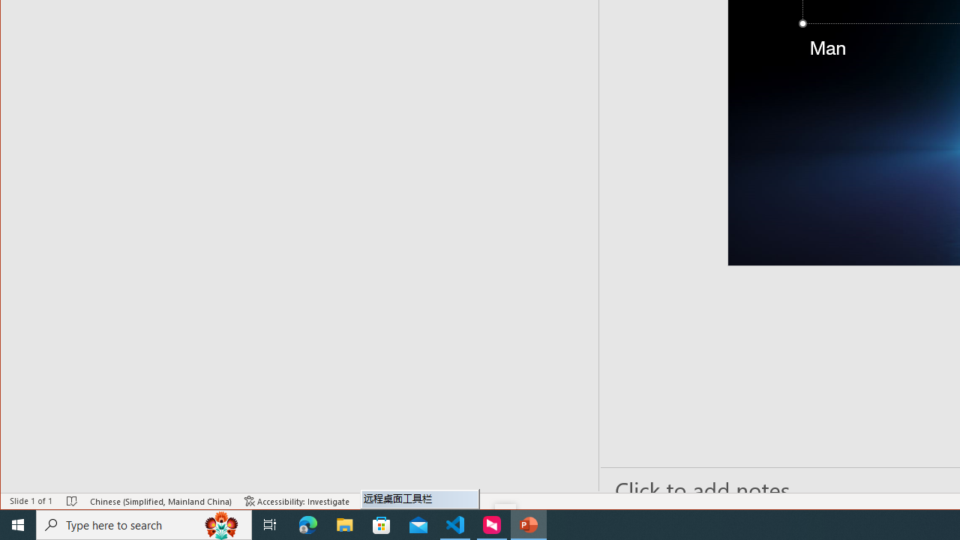  I want to click on 'File Explorer', so click(344, 523).